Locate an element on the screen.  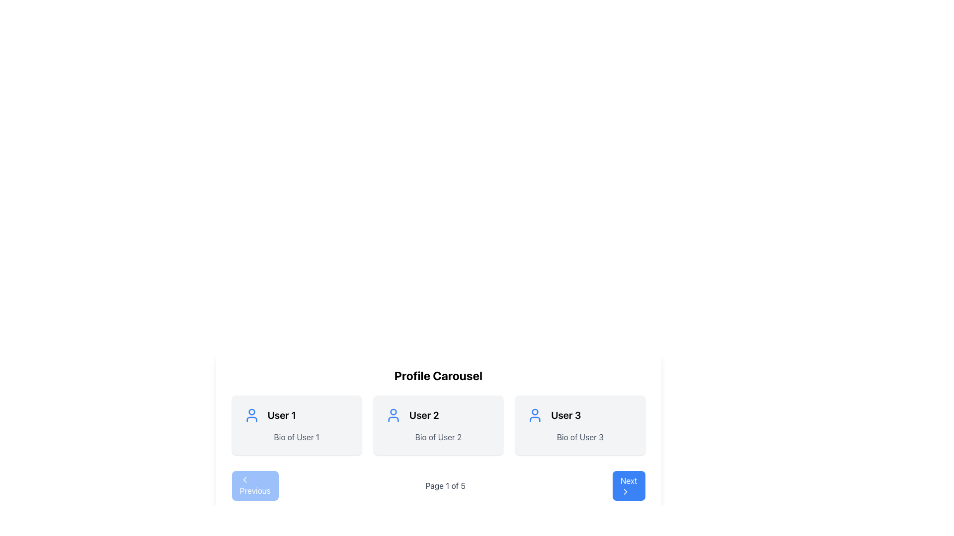
the user profile card displaying the user's name and biography, which is the middle card in a horizontal grid of three cards is located at coordinates (438, 424).